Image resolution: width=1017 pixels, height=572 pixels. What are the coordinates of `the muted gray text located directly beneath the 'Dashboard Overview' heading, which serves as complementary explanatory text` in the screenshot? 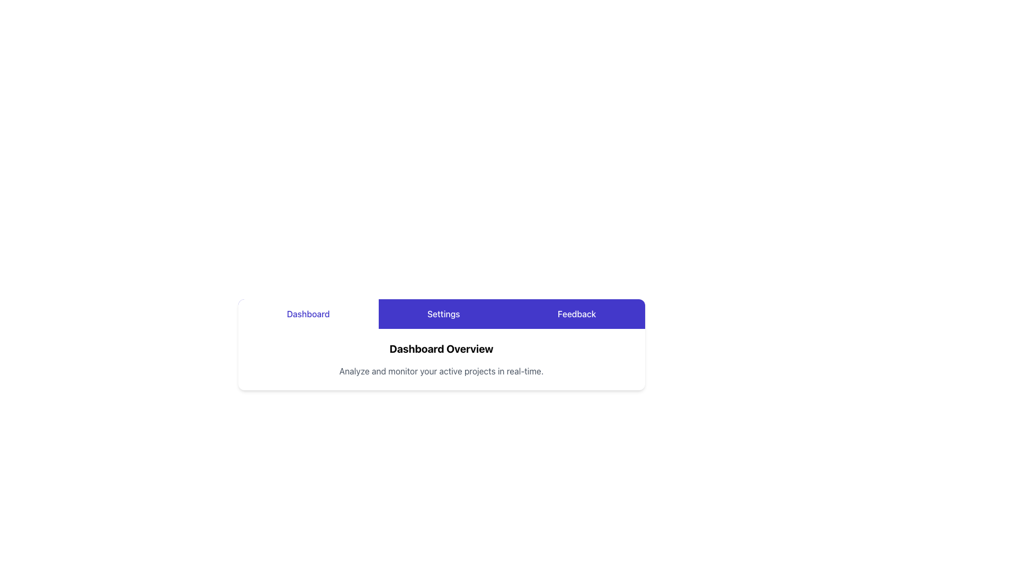 It's located at (441, 371).